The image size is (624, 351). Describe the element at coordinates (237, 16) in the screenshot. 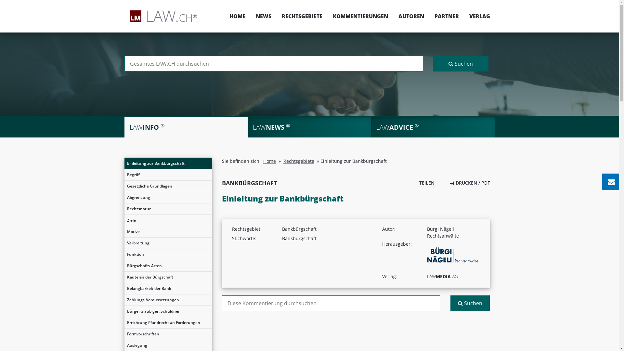

I see `'HOME'` at that location.